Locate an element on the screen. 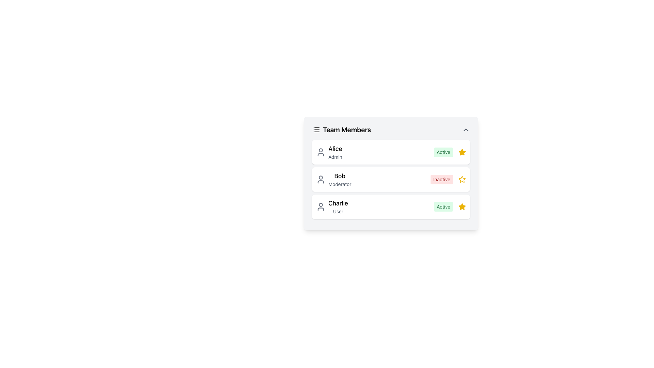 The image size is (654, 368). the 'Active' status badge located to the right of the user name 'Charlie' within the 'Team Members' card is located at coordinates (450, 206).